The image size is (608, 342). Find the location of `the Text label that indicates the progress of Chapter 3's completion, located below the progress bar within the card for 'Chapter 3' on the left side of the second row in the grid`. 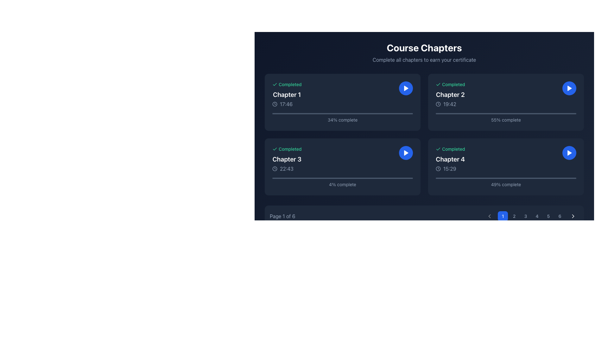

the Text label that indicates the progress of Chapter 3's completion, located below the progress bar within the card for 'Chapter 3' on the left side of the second row in the grid is located at coordinates (342, 183).